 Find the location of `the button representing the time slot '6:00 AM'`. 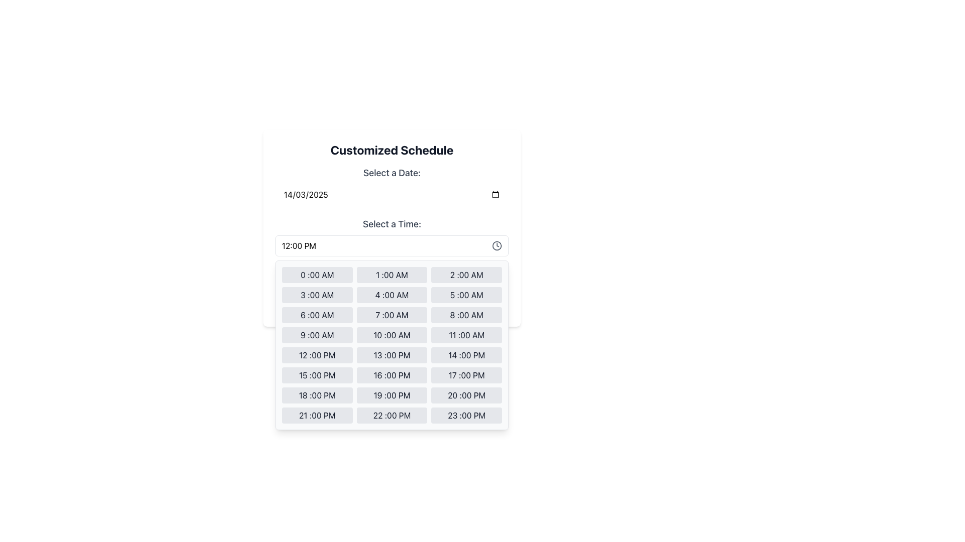

the button representing the time slot '6:00 AM' is located at coordinates (317, 315).